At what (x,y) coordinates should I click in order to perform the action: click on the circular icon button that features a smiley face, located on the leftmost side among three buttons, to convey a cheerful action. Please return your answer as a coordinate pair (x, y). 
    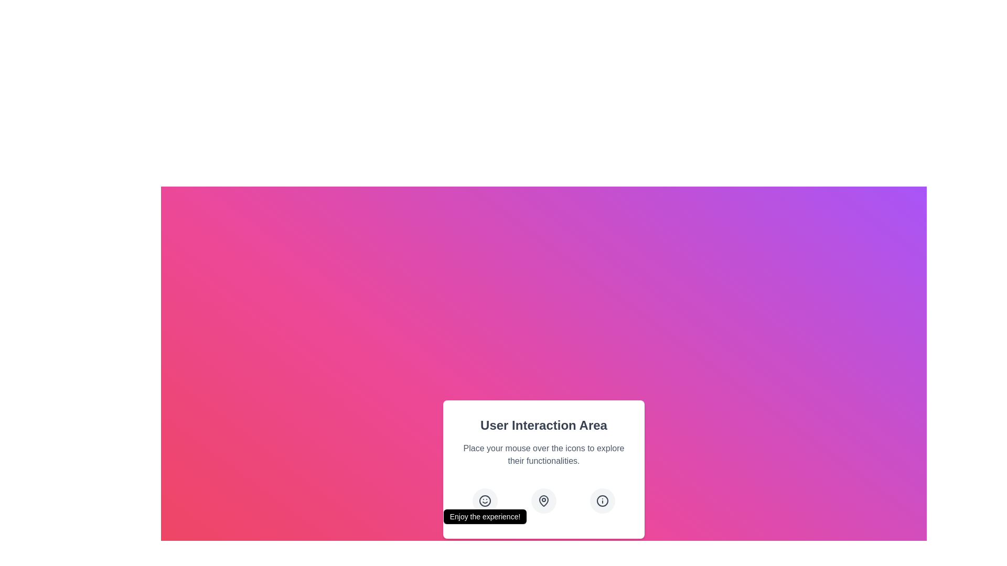
    Looking at the image, I should click on (485, 500).